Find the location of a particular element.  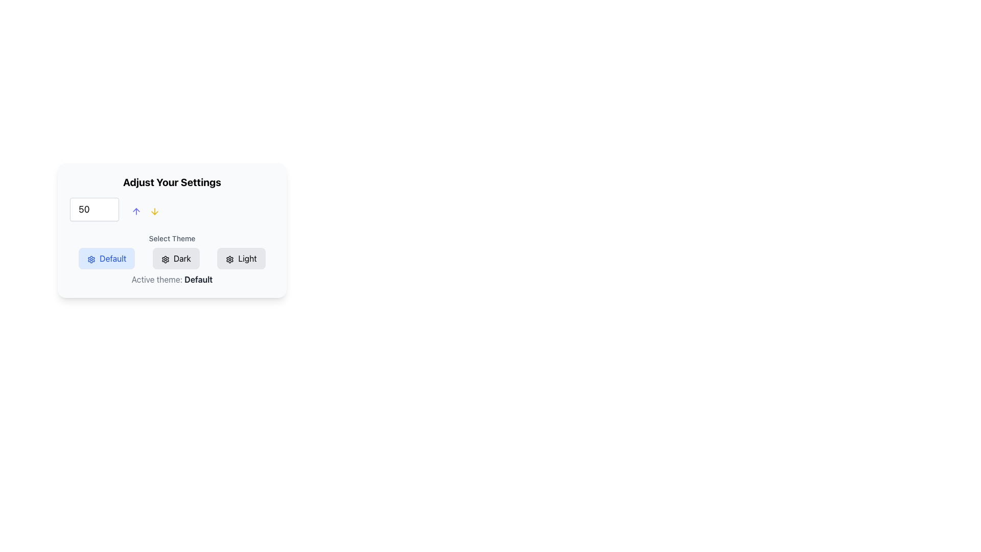

on the Text display showing the number '50' within its minimalistic rectangular box in the upper-left part of the settings card interface is located at coordinates (84, 209).